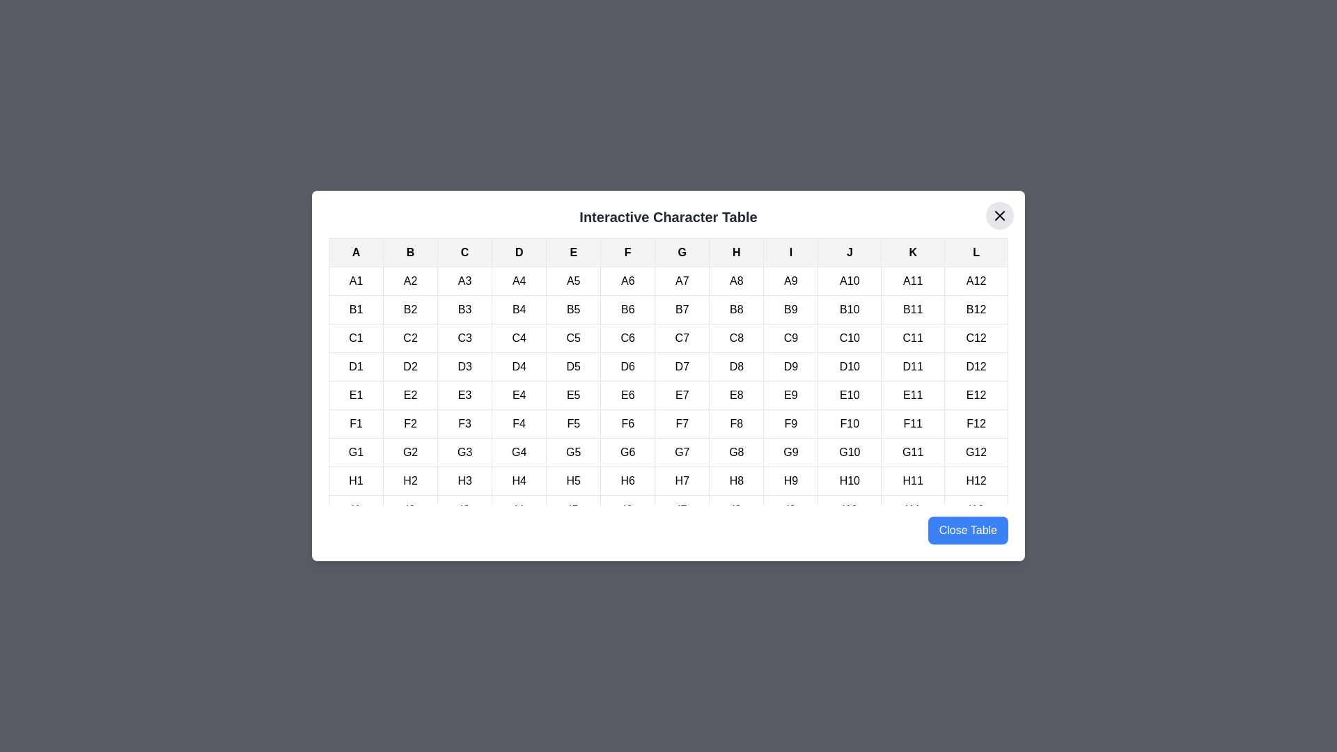 The image size is (1337, 752). Describe the element at coordinates (999, 215) in the screenshot. I see `the close button in the top-right corner of the dialog` at that location.